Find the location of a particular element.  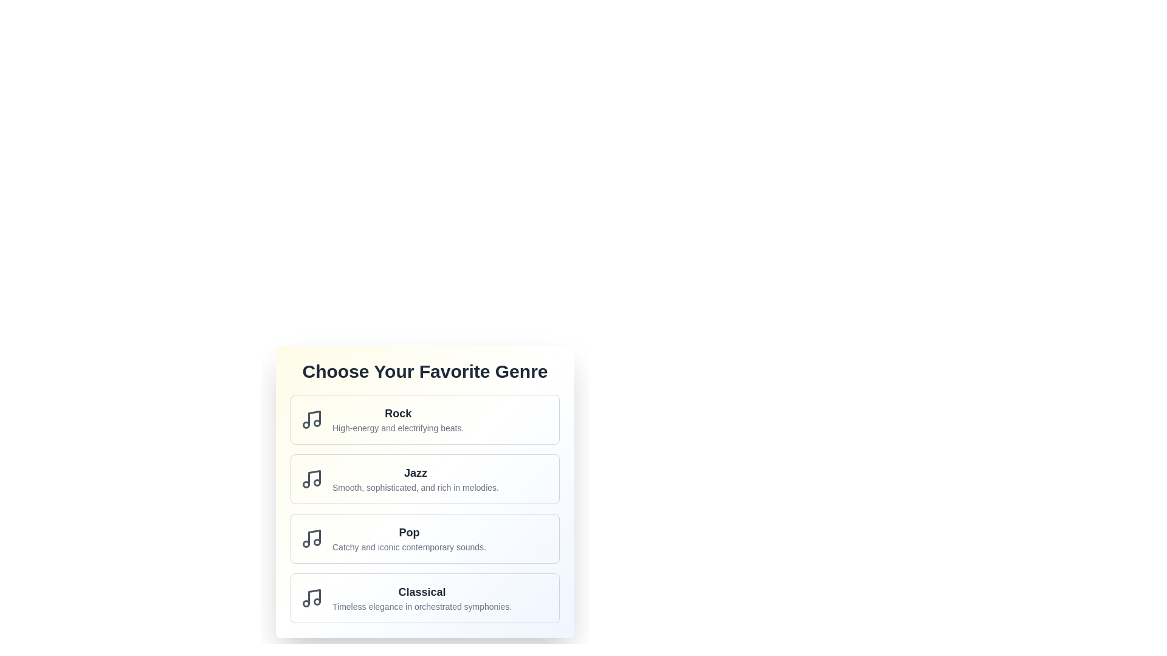

the musical notes icon located to the left of the 'Classical' text in the genre list is located at coordinates (312, 597).